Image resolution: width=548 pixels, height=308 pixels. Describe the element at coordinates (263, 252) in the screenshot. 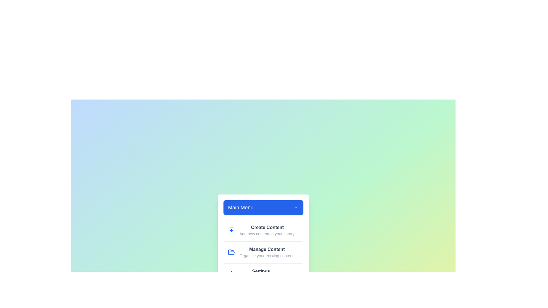

I see `the 'Manage Content' option in the menu` at that location.